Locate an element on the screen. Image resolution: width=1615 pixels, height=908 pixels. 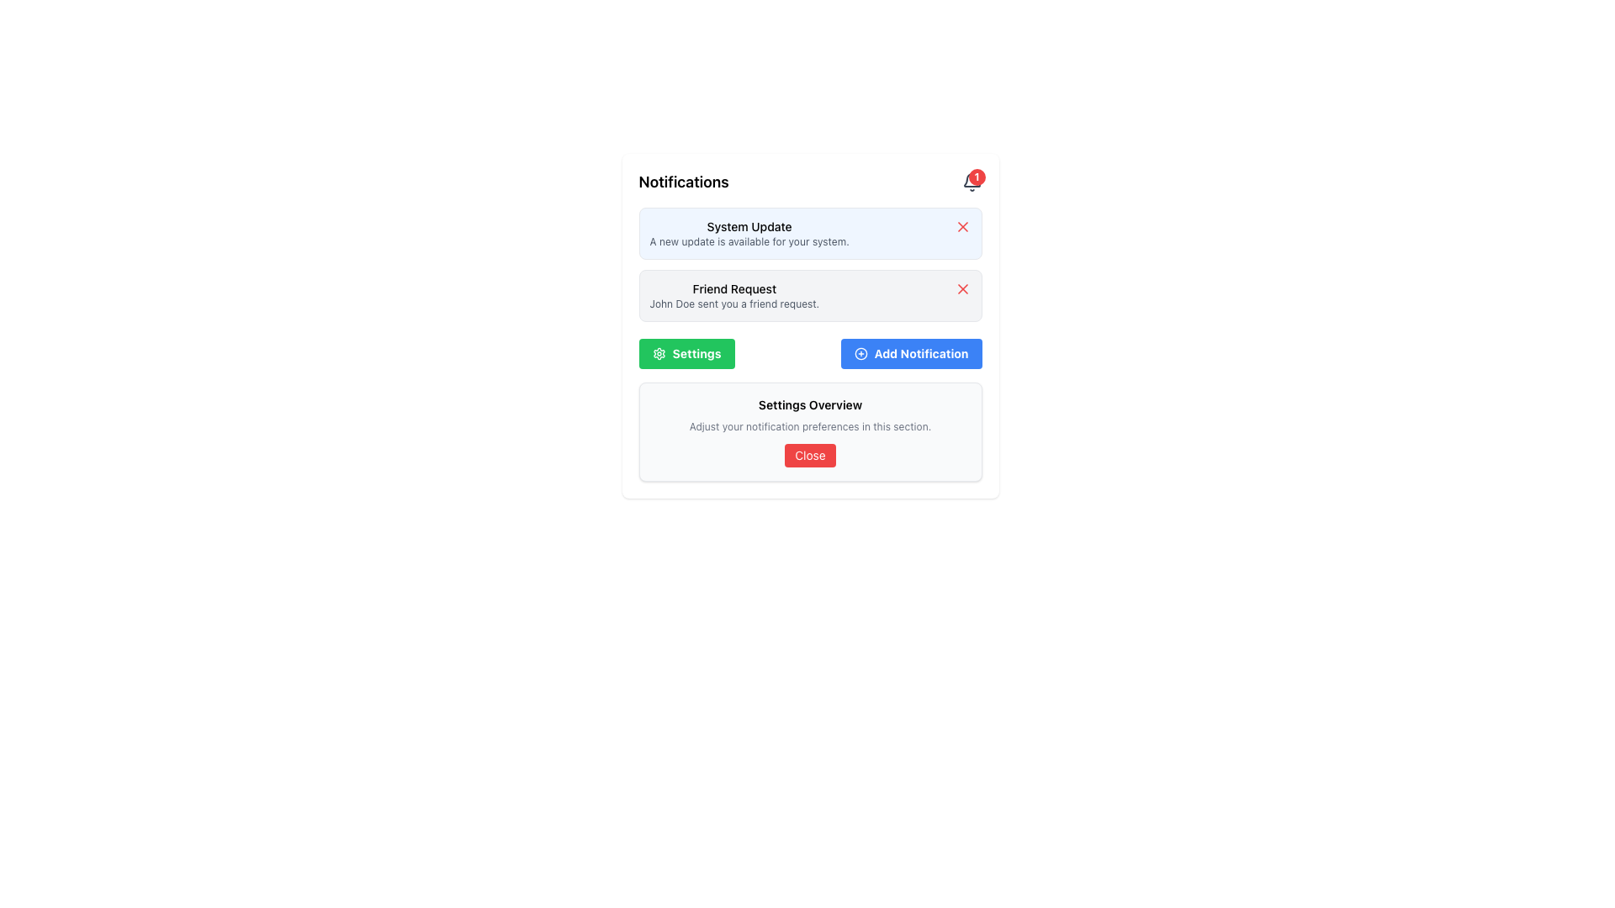
the red circular badge with the number '1' displayed in white, located on the top-right corner of the notification bell icon is located at coordinates (977, 177).